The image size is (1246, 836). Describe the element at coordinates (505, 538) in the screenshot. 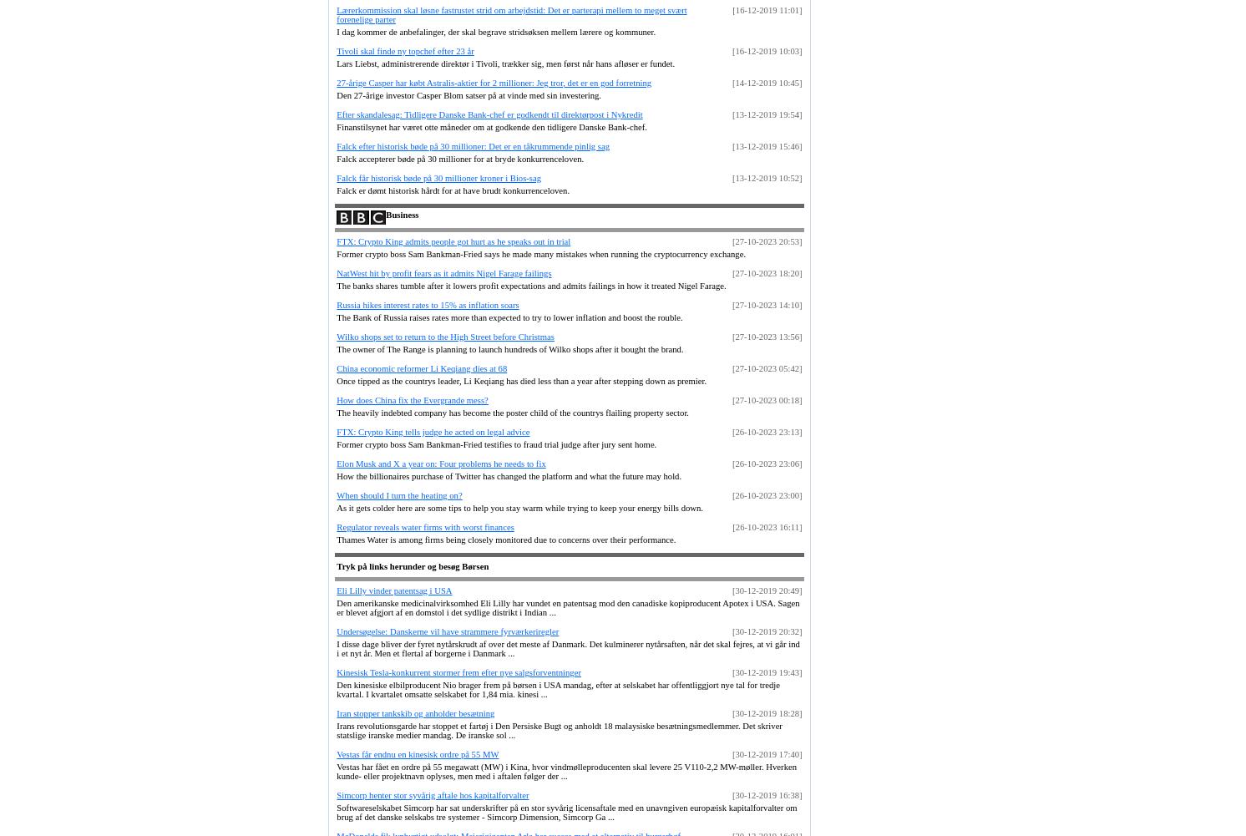

I see `'Thames Water is among firms being closely monitored due to concerns over their performance.'` at that location.